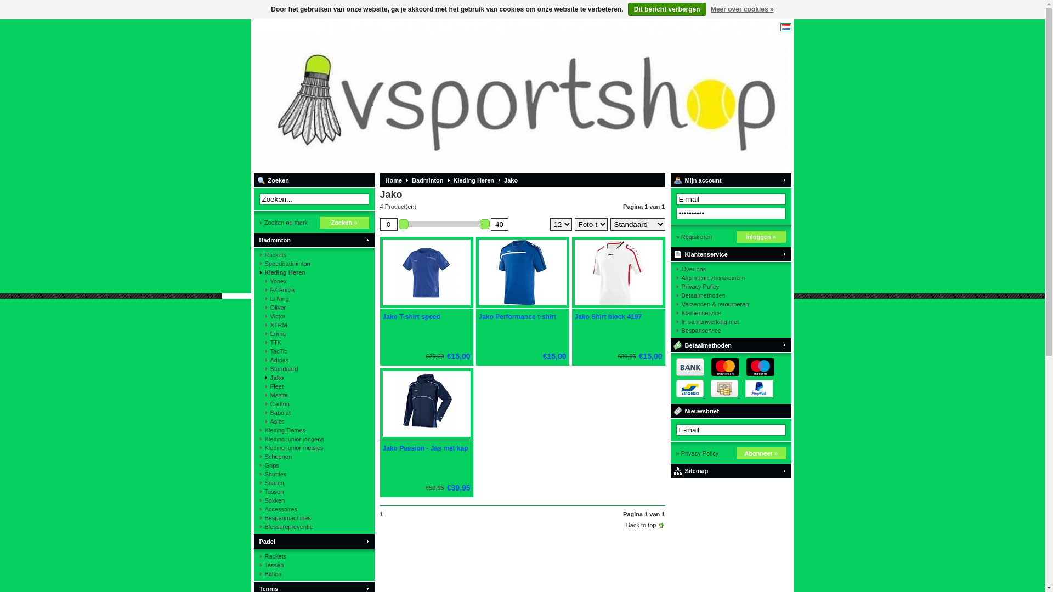  Describe the element at coordinates (313, 518) in the screenshot. I see `'Bespanmachines'` at that location.